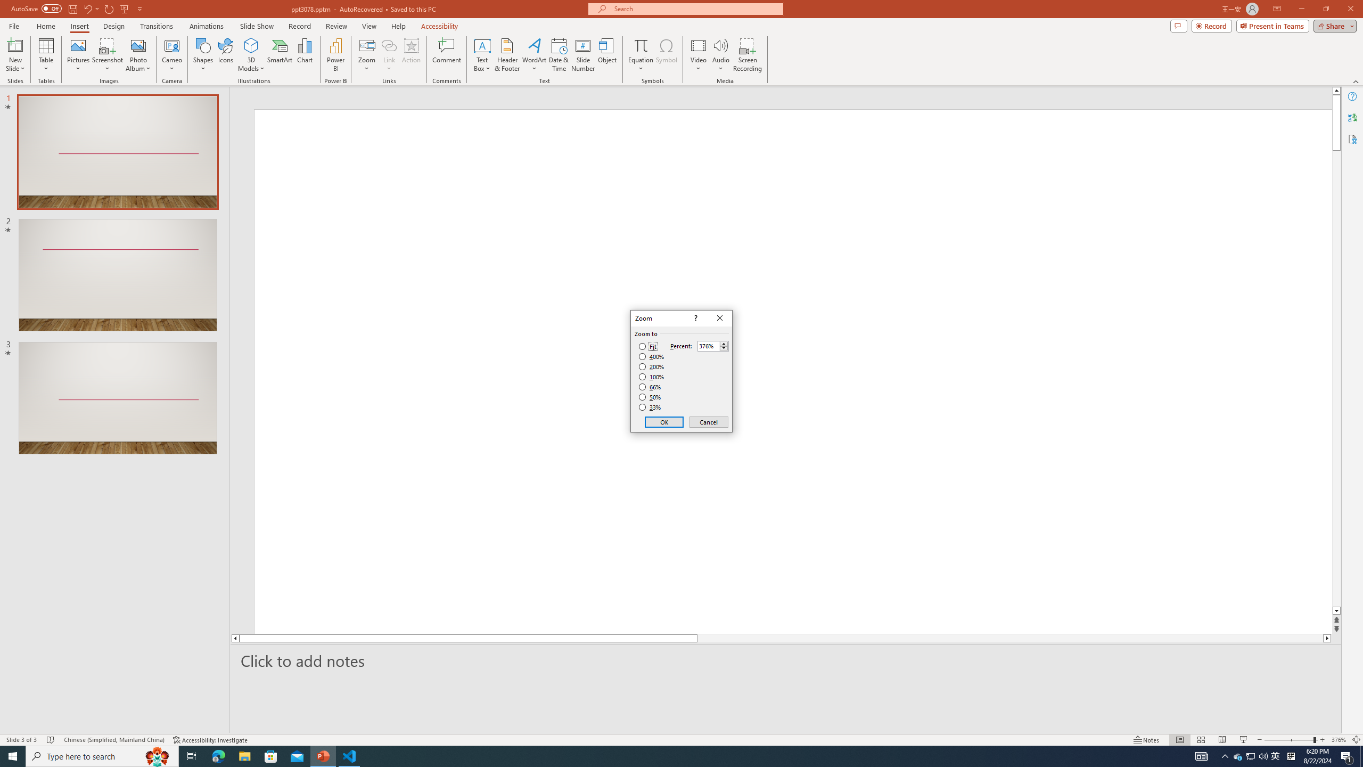 The height and width of the screenshot is (767, 1363). Describe the element at coordinates (713, 345) in the screenshot. I see `'Percent'` at that location.